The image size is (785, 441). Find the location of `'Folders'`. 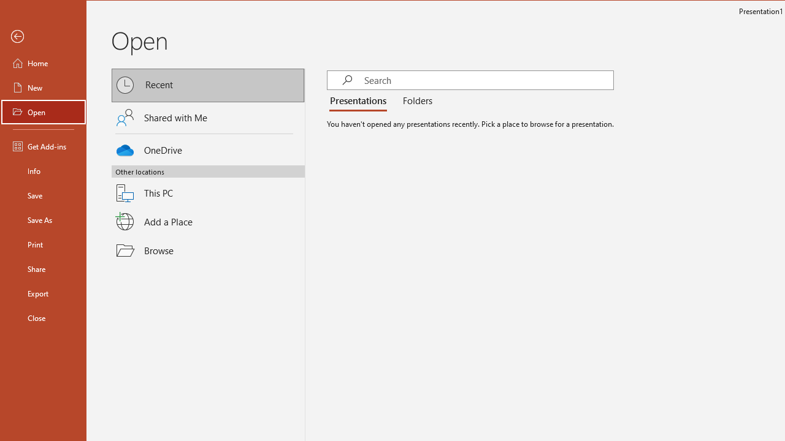

'Folders' is located at coordinates (415, 100).